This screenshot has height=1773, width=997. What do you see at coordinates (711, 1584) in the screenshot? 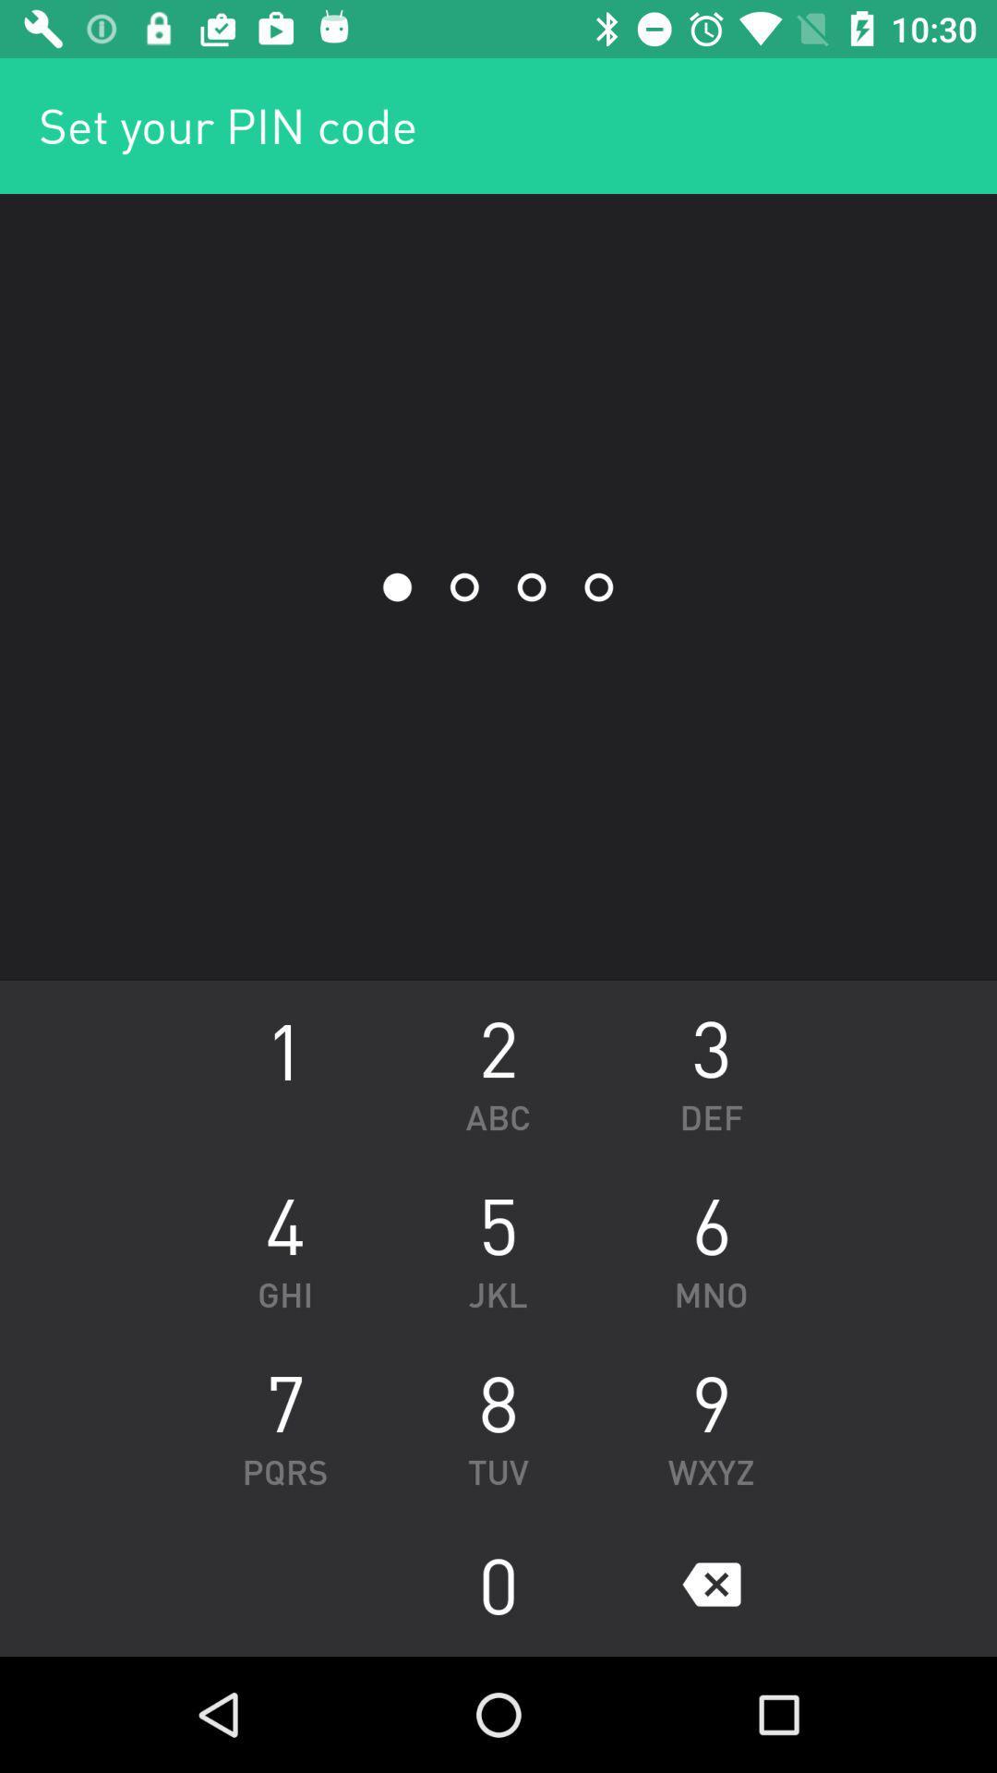
I see `the close icon` at bounding box center [711, 1584].